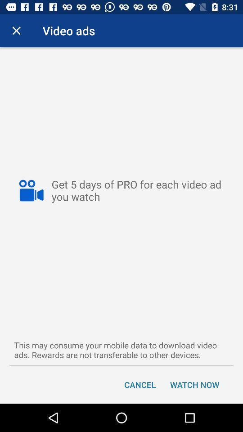  What do you see at coordinates (16, 31) in the screenshot?
I see `the item next to the video ads item` at bounding box center [16, 31].